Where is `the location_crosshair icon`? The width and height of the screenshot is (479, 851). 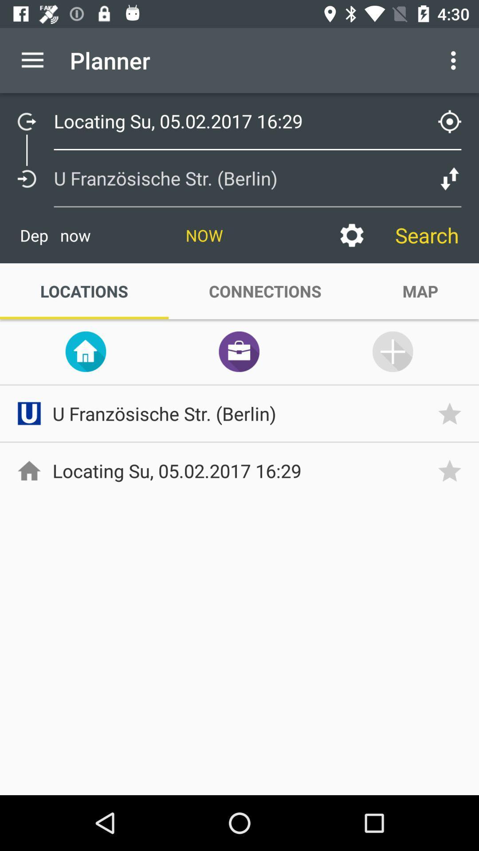 the location_crosshair icon is located at coordinates (450, 121).